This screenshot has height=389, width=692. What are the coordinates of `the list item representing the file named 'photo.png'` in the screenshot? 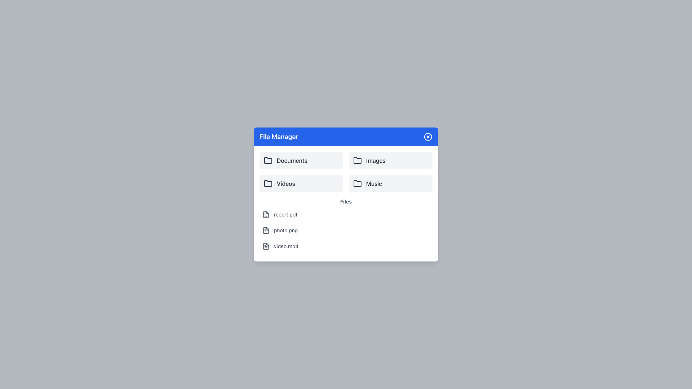 It's located at (346, 231).